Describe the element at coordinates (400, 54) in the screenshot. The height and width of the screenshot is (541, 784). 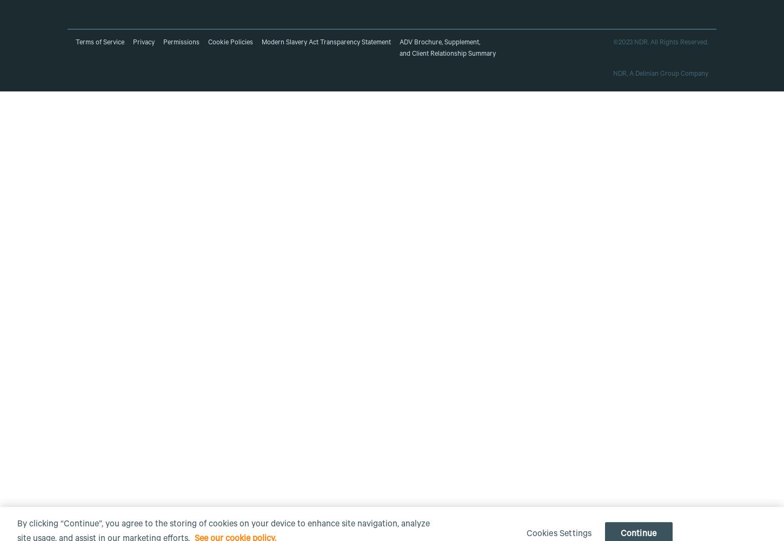
I see `'and Client Relationship Summary'` at that location.